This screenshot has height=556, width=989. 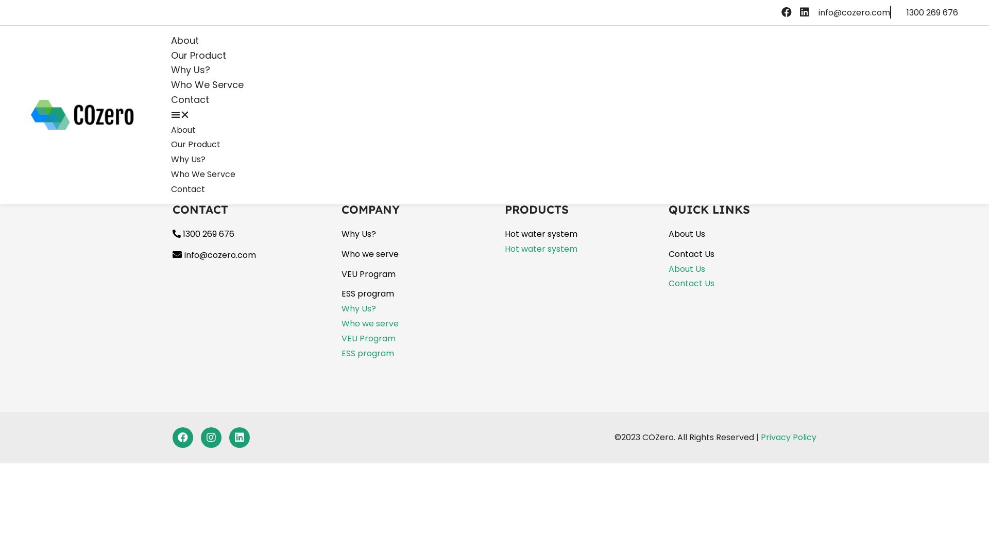 What do you see at coordinates (687, 234) in the screenshot?
I see `'About Us'` at bounding box center [687, 234].